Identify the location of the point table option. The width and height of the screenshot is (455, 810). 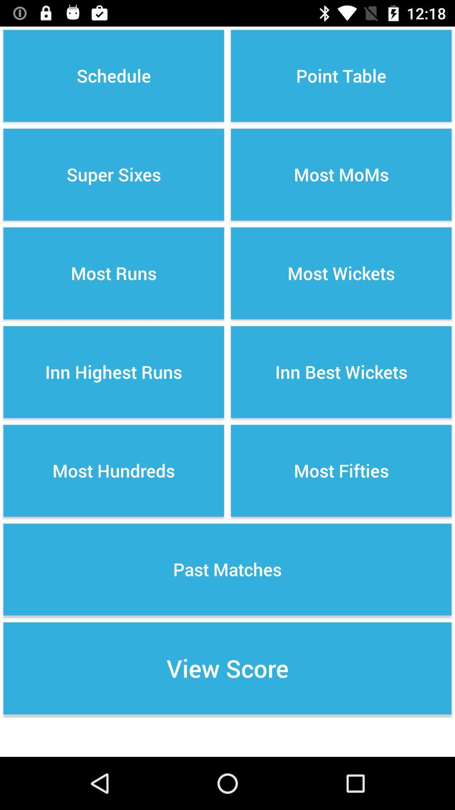
(341, 76).